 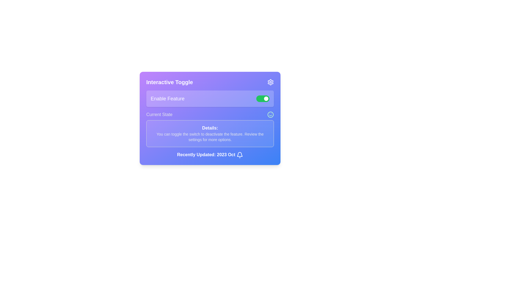 I want to click on the settings gear icon located in the top-right corner of the 'Interactive Toggle' card, so click(x=270, y=82).